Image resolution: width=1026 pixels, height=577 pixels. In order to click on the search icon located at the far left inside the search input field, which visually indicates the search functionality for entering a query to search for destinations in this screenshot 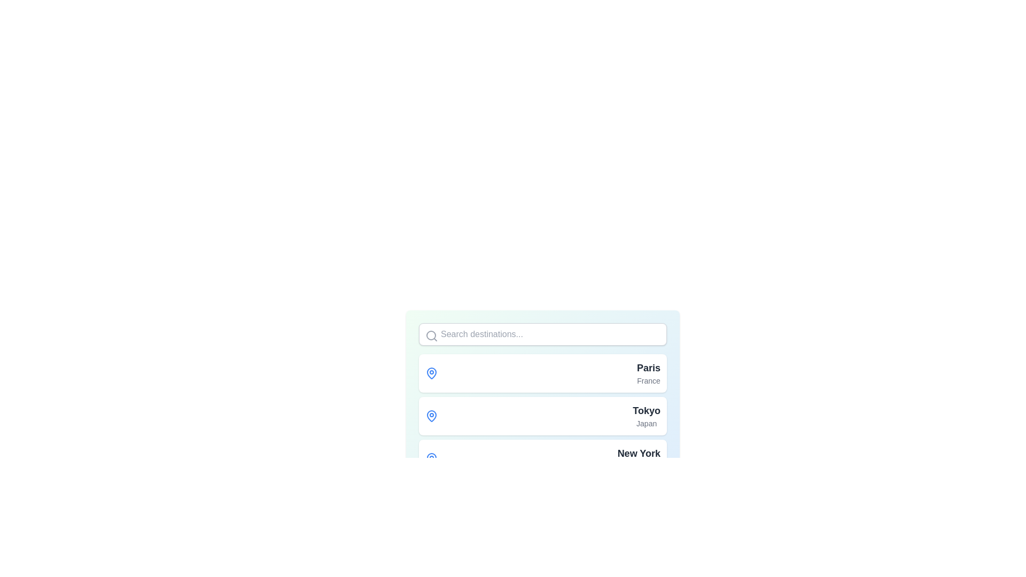, I will do `click(431, 335)`.